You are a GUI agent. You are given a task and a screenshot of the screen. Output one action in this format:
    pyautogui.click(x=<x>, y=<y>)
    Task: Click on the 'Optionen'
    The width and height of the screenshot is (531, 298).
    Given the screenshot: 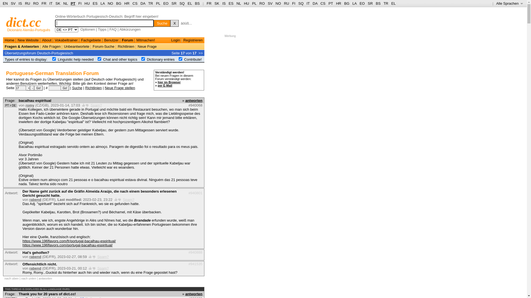 What is the action you would take?
    pyautogui.click(x=87, y=29)
    